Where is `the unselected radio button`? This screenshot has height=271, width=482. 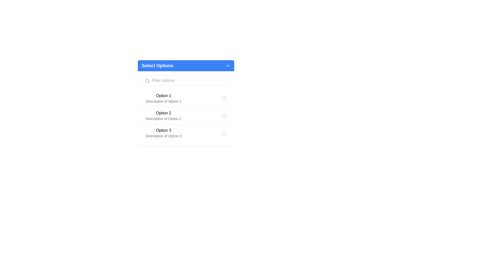 the unselected radio button is located at coordinates (223, 98).